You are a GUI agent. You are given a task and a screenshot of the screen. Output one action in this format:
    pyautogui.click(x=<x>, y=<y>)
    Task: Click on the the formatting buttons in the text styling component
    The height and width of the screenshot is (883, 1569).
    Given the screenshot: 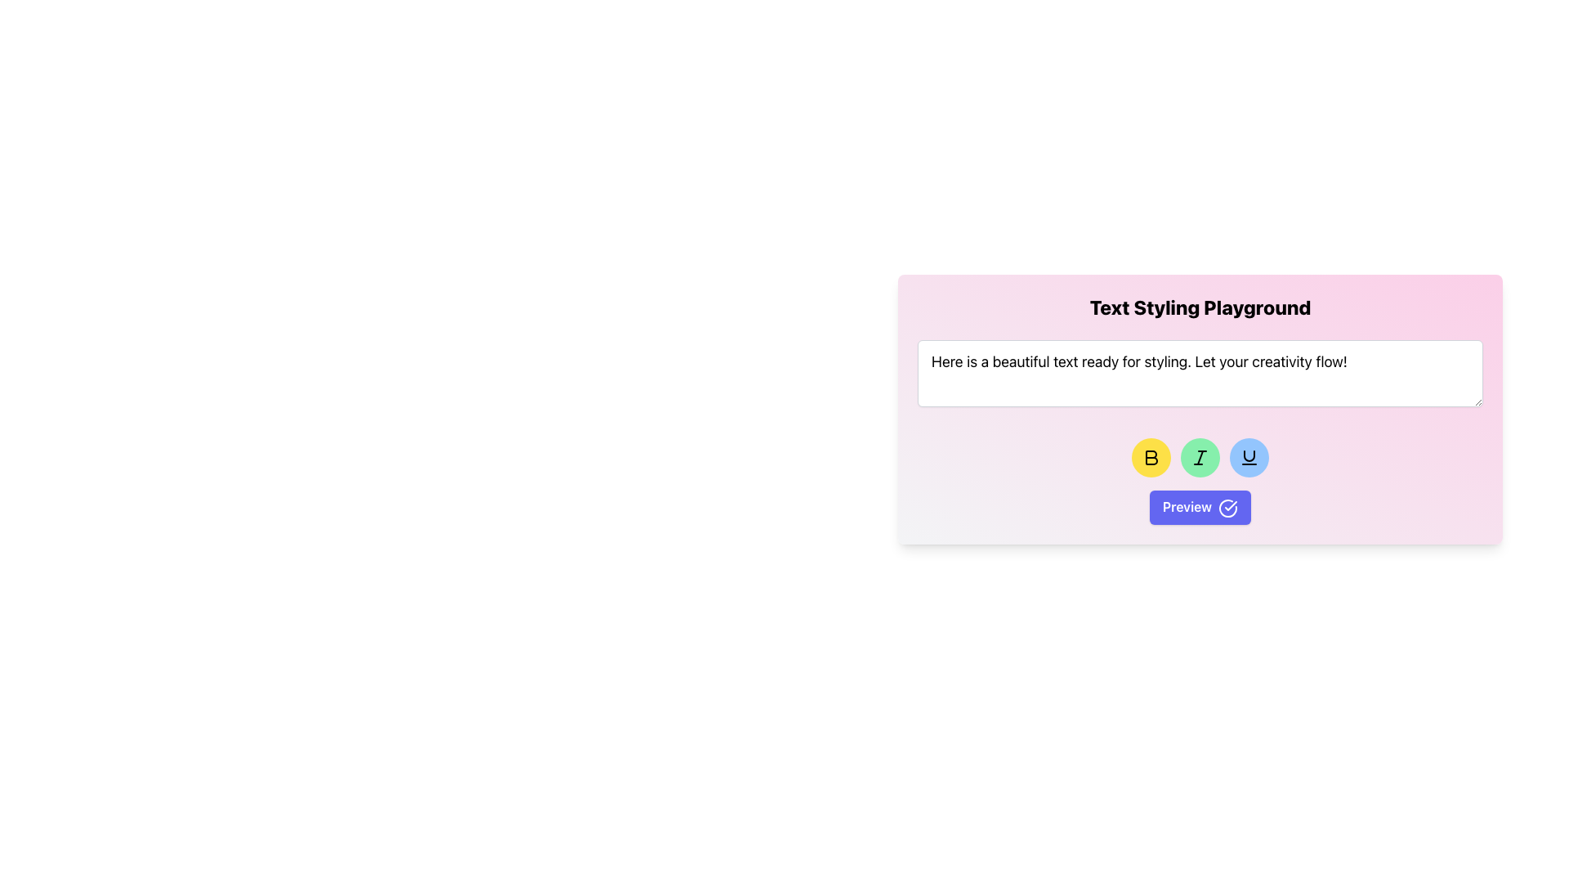 What is the action you would take?
    pyautogui.click(x=1200, y=408)
    